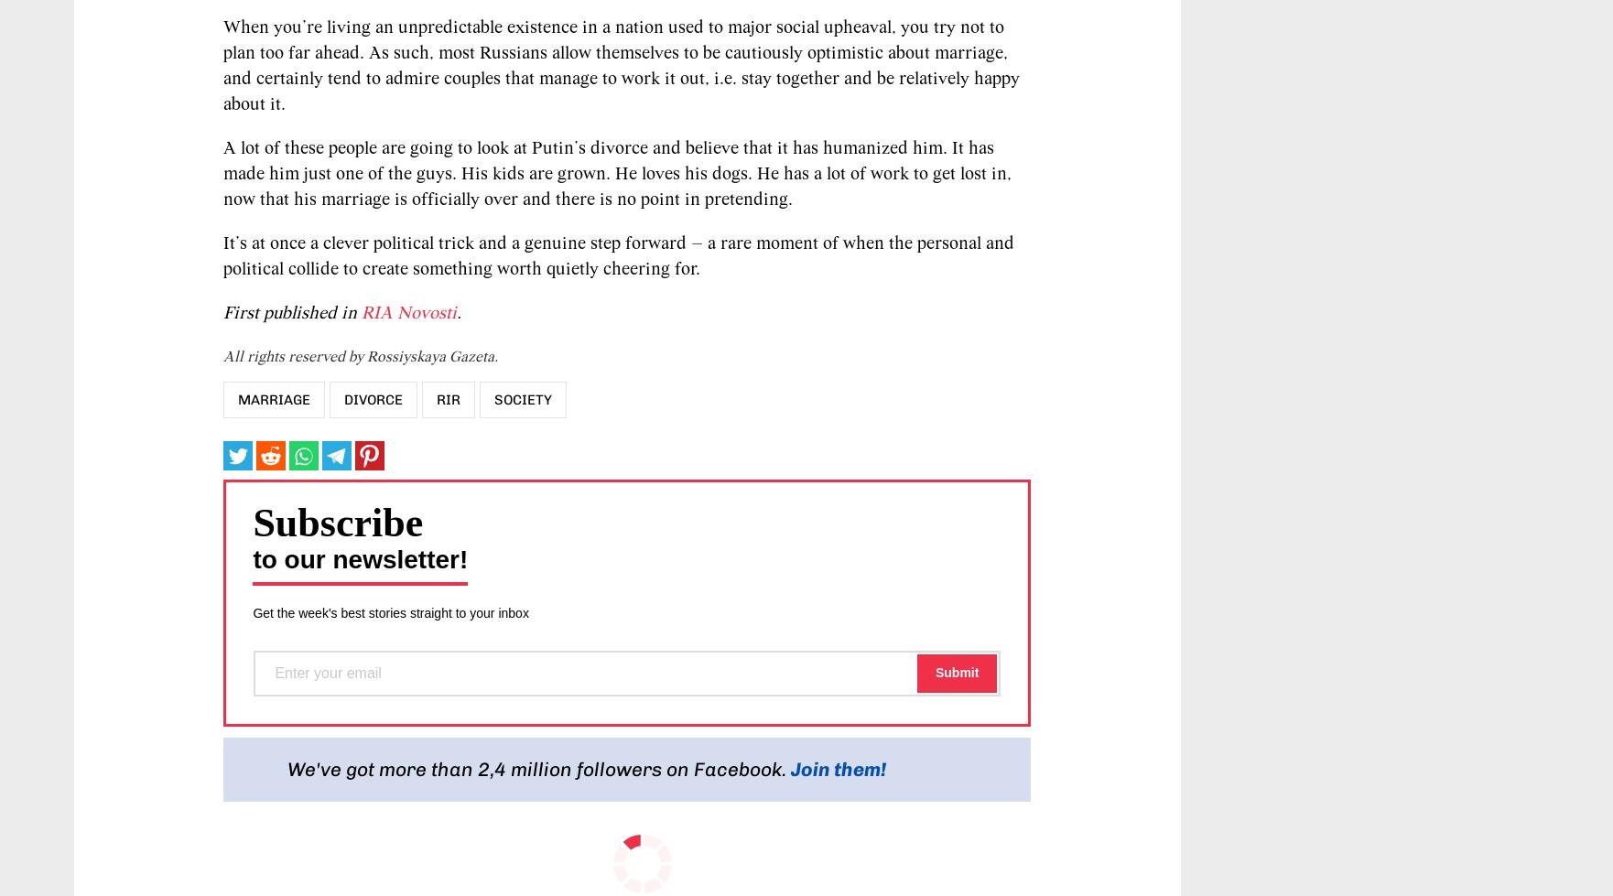 The height and width of the screenshot is (896, 1613). What do you see at coordinates (292, 312) in the screenshot?
I see `'First published in'` at bounding box center [292, 312].